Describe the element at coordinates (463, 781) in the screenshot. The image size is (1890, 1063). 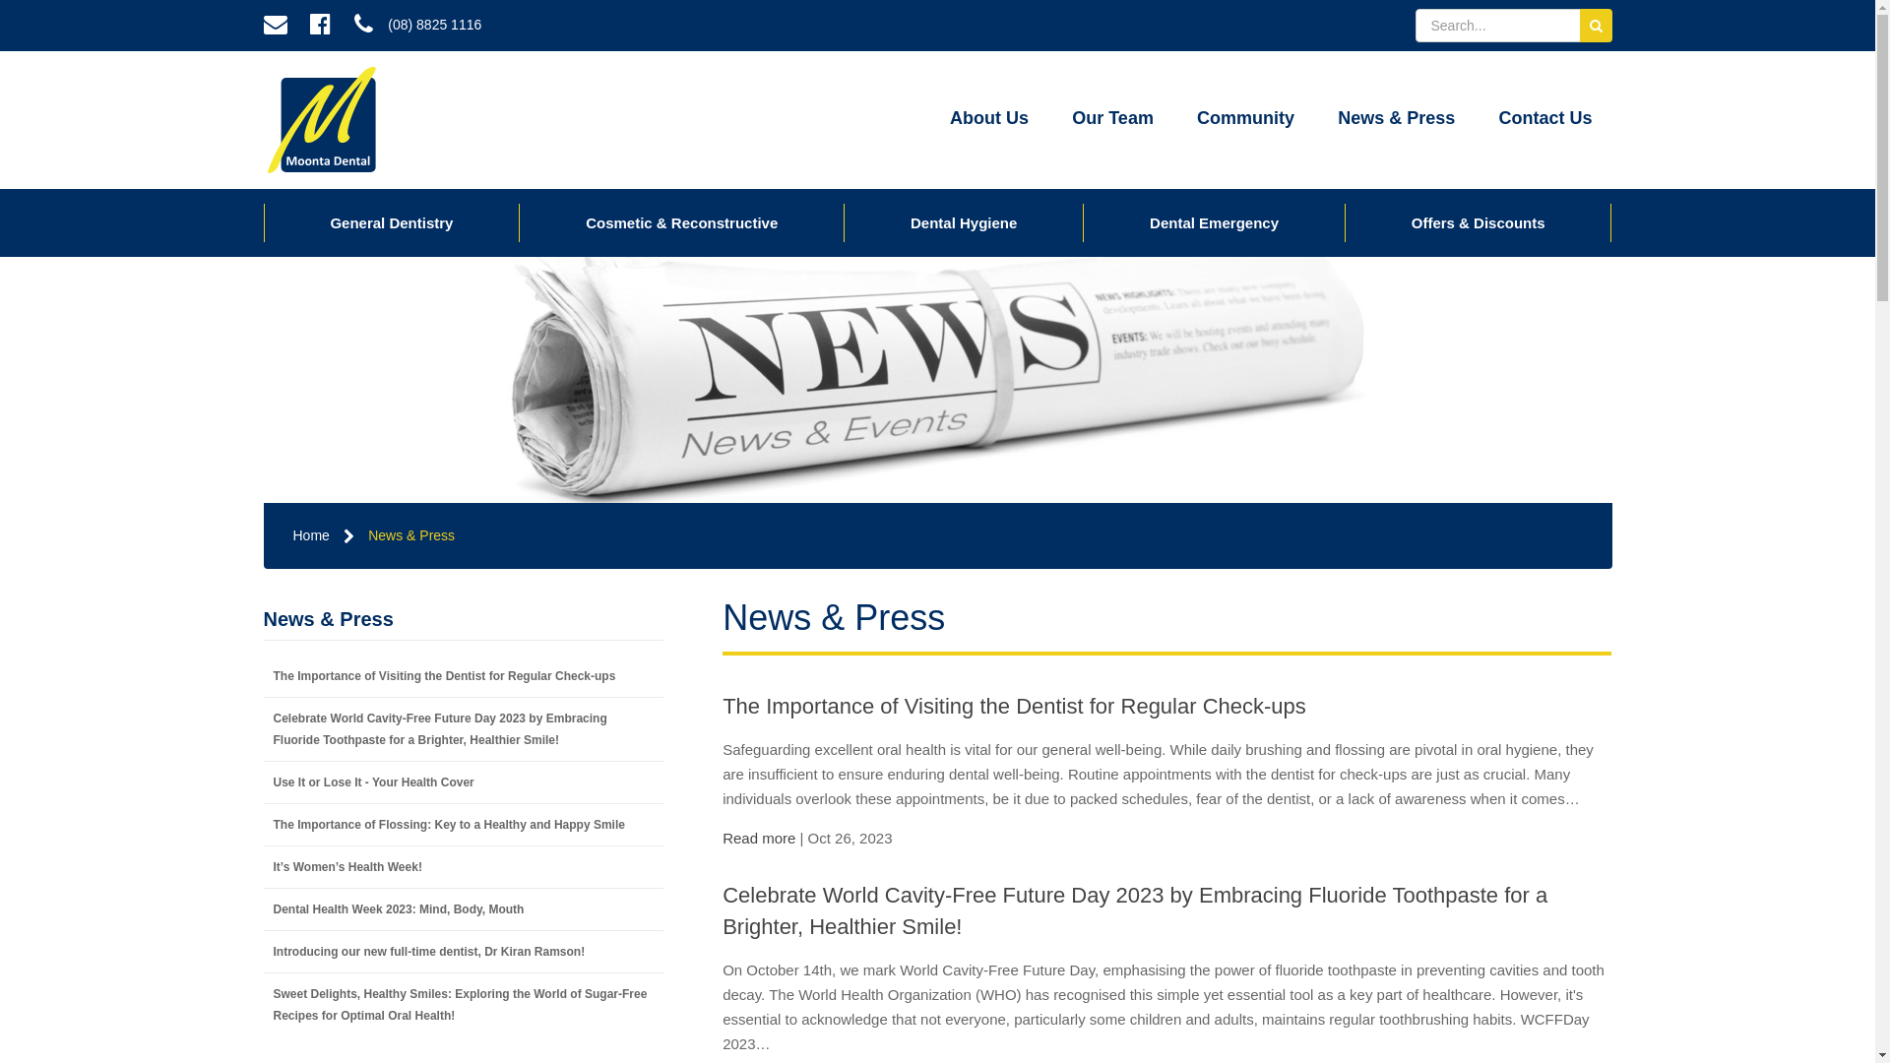
I see `'Use It or Lose It - Your Health Cover'` at that location.